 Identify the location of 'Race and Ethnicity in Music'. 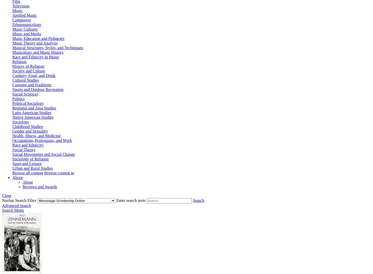
(12, 57).